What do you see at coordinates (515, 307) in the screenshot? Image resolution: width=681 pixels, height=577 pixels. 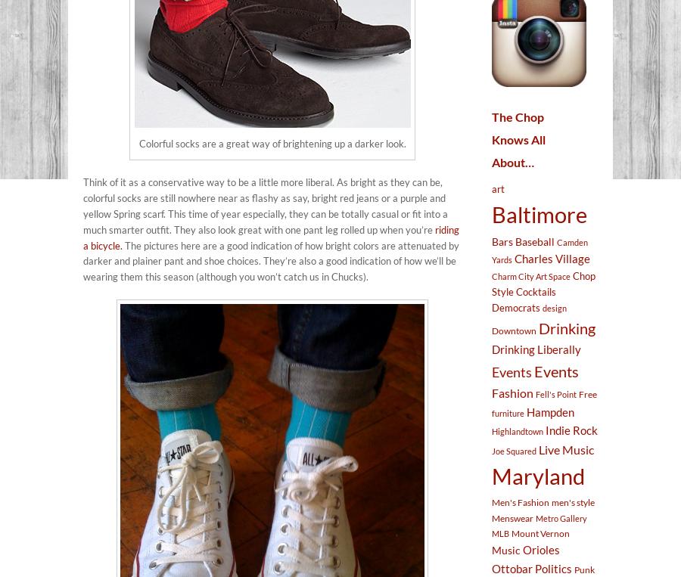 I see `'Democrats'` at bounding box center [515, 307].